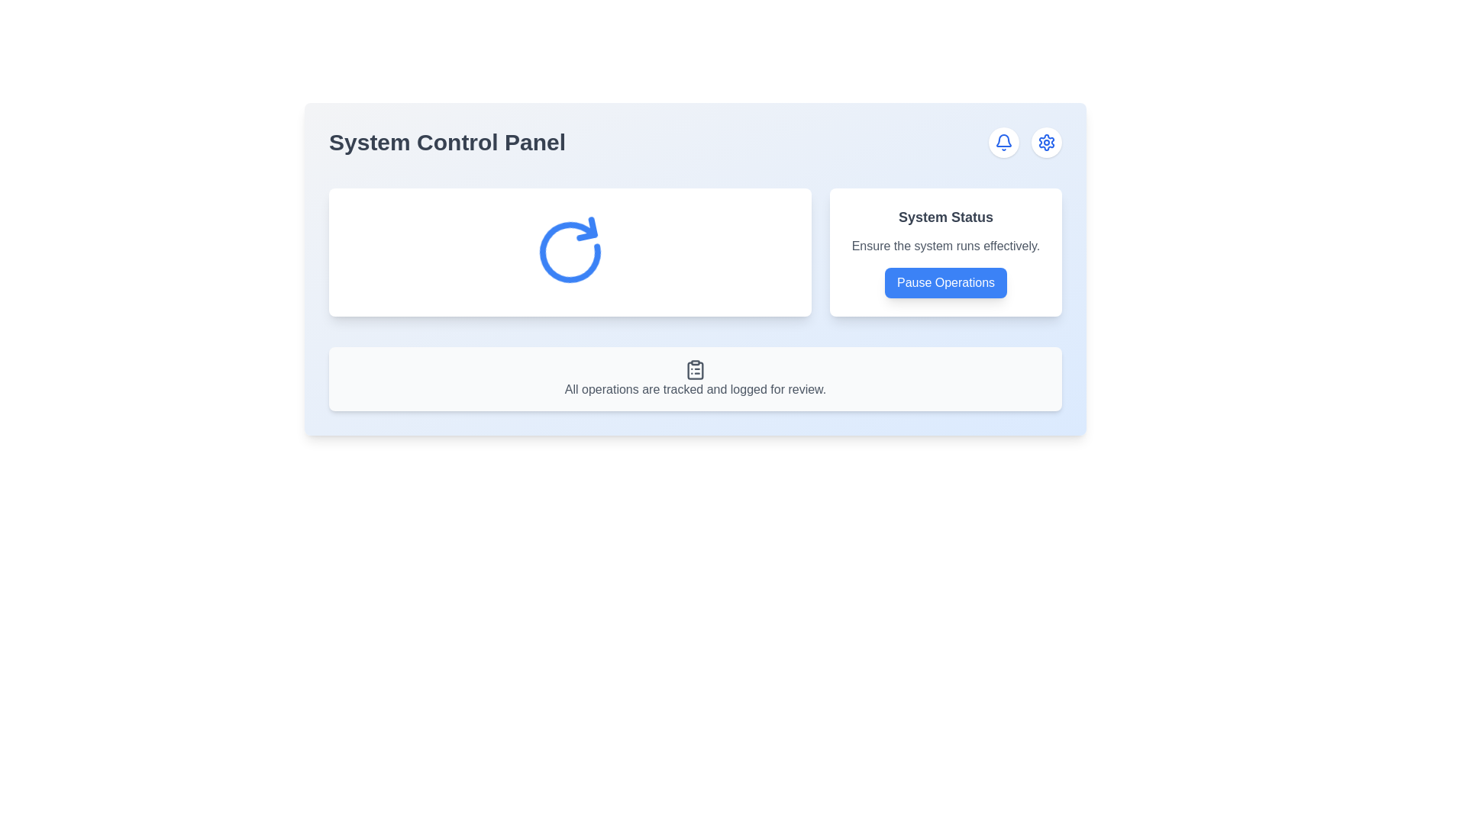  I want to click on the settings icon button located in the top-right corner of the interface, so click(1046, 142).